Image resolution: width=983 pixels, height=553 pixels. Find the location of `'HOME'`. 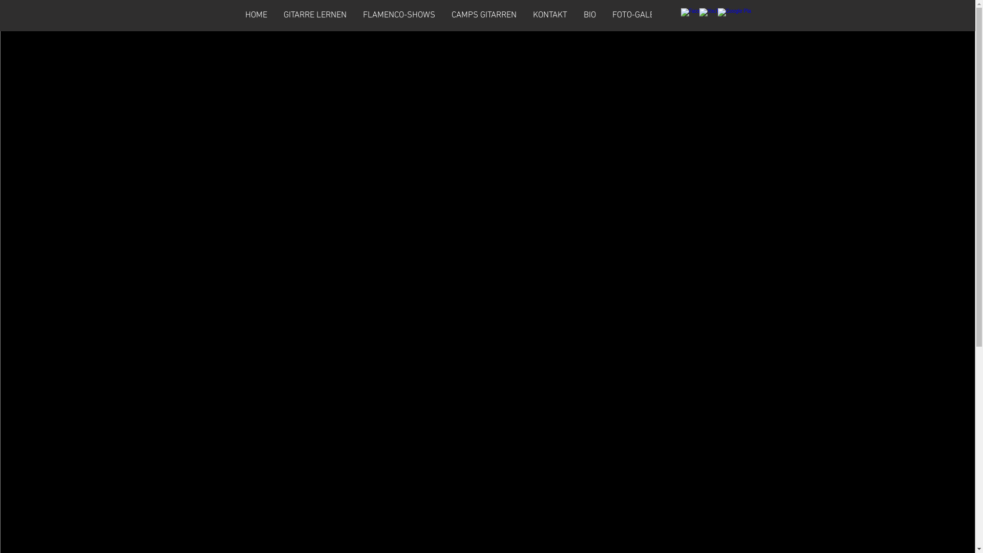

'HOME' is located at coordinates (255, 16).